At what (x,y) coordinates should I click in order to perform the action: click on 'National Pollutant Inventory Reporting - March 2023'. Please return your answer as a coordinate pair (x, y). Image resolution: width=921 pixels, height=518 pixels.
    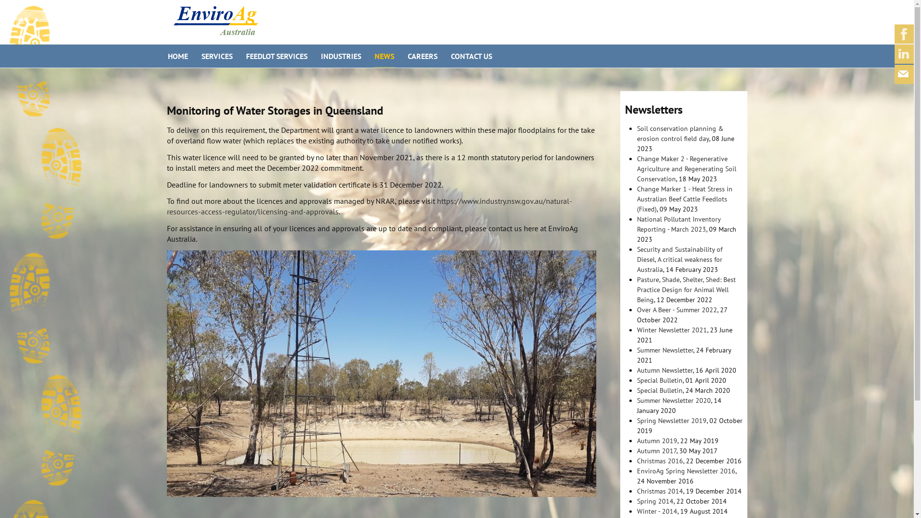
    Looking at the image, I should click on (637, 224).